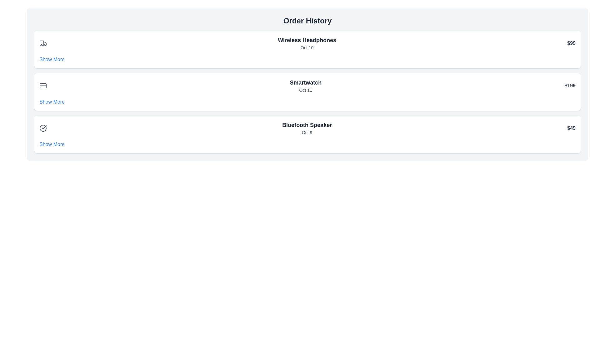 This screenshot has height=337, width=600. Describe the element at coordinates (43, 128) in the screenshot. I see `the status indicator icon located to the left of the 'Bluetooth Speaker' entry in the product list` at that location.